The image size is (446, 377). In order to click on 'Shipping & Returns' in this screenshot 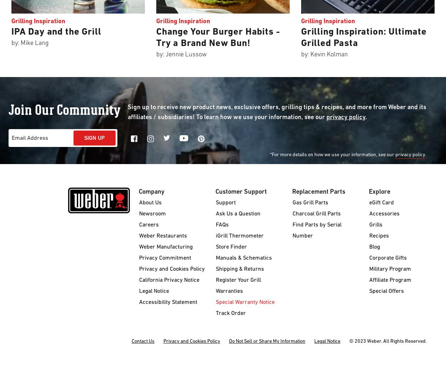, I will do `click(240, 269)`.